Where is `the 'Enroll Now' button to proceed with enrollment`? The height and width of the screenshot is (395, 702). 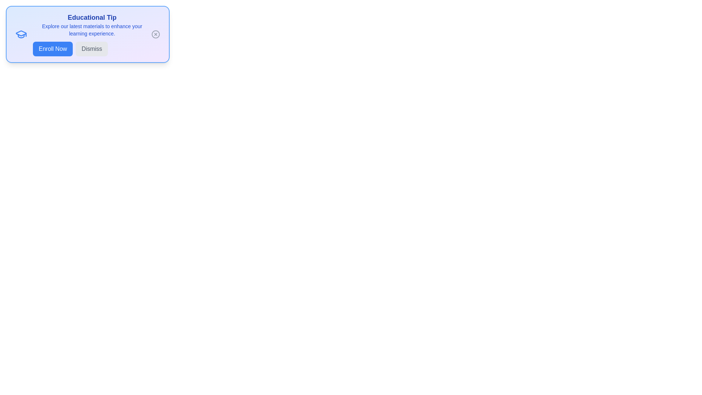 the 'Enroll Now' button to proceed with enrollment is located at coordinates (52, 49).